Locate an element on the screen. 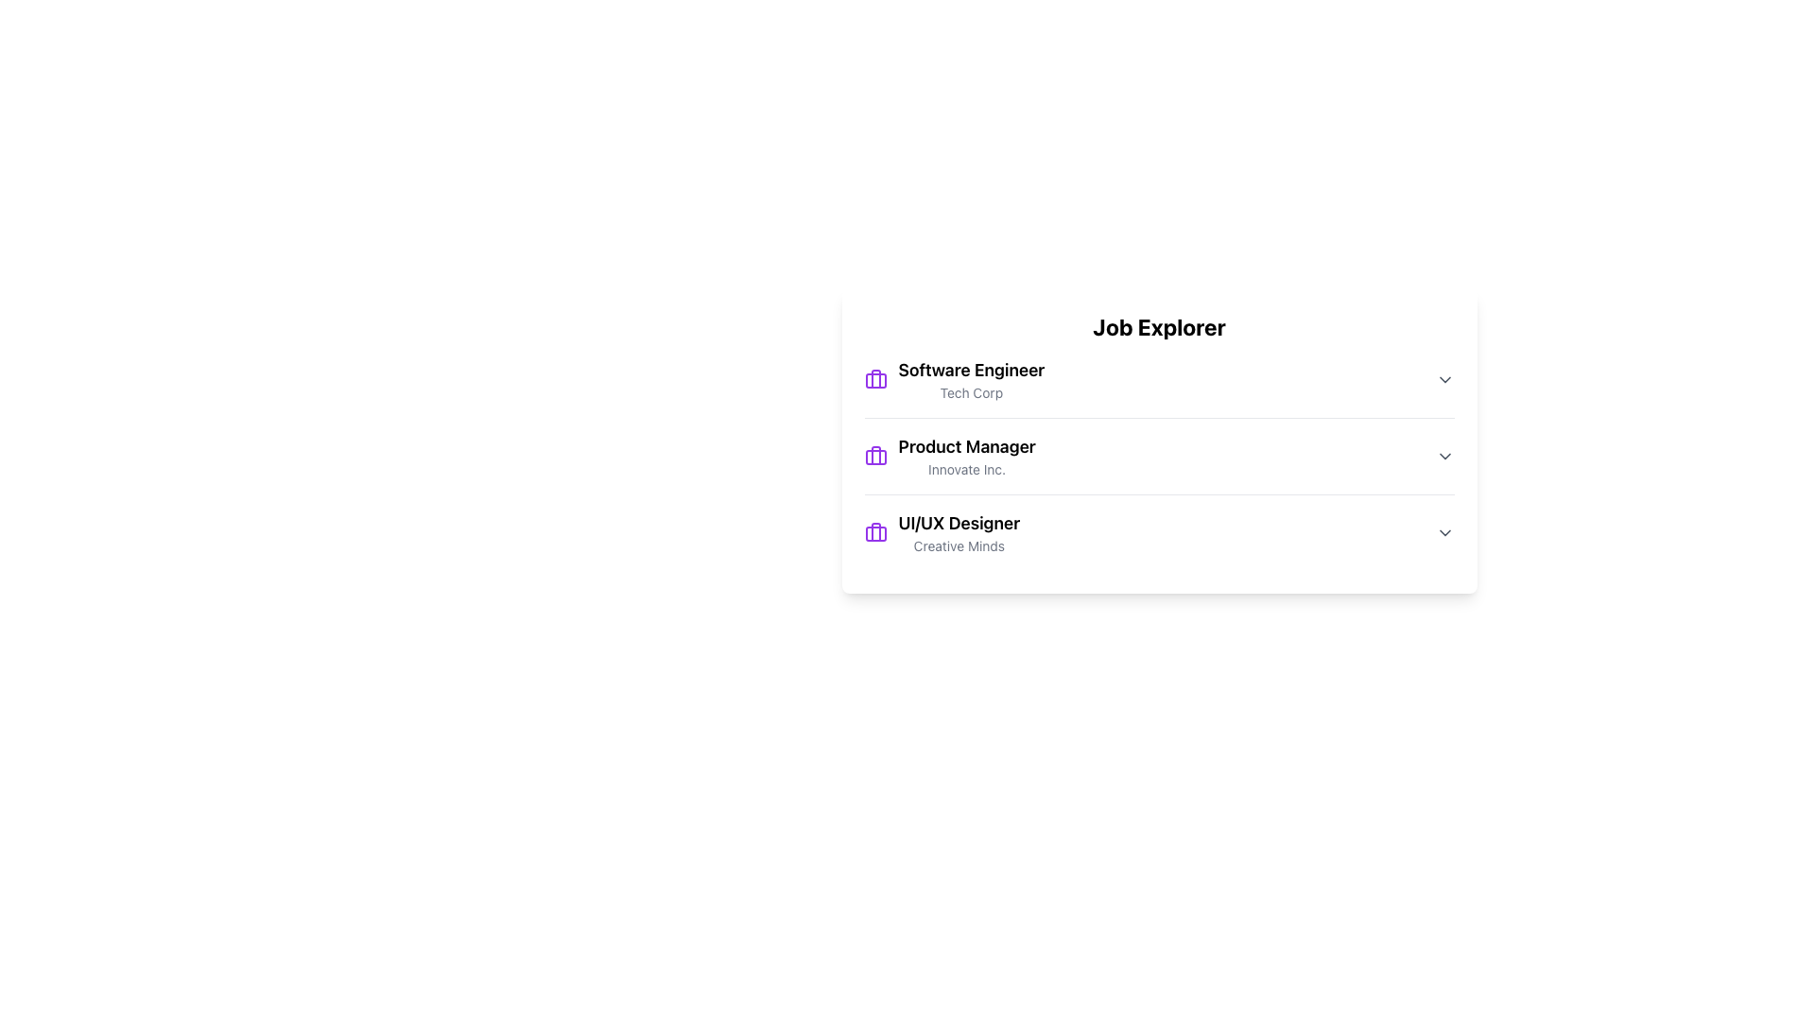  text label displaying 'Product Manager', which is prominently styled and located above the company name 'Innovate Inc.' in the job listing interface is located at coordinates (967, 447).